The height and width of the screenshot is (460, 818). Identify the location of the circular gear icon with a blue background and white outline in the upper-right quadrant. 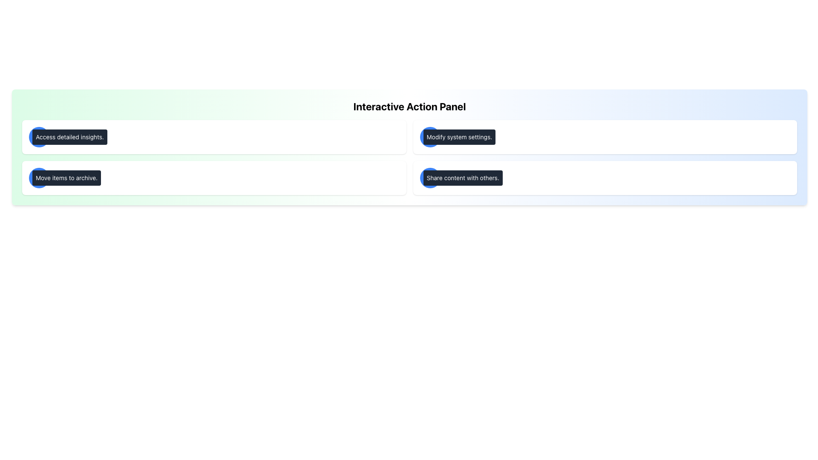
(430, 136).